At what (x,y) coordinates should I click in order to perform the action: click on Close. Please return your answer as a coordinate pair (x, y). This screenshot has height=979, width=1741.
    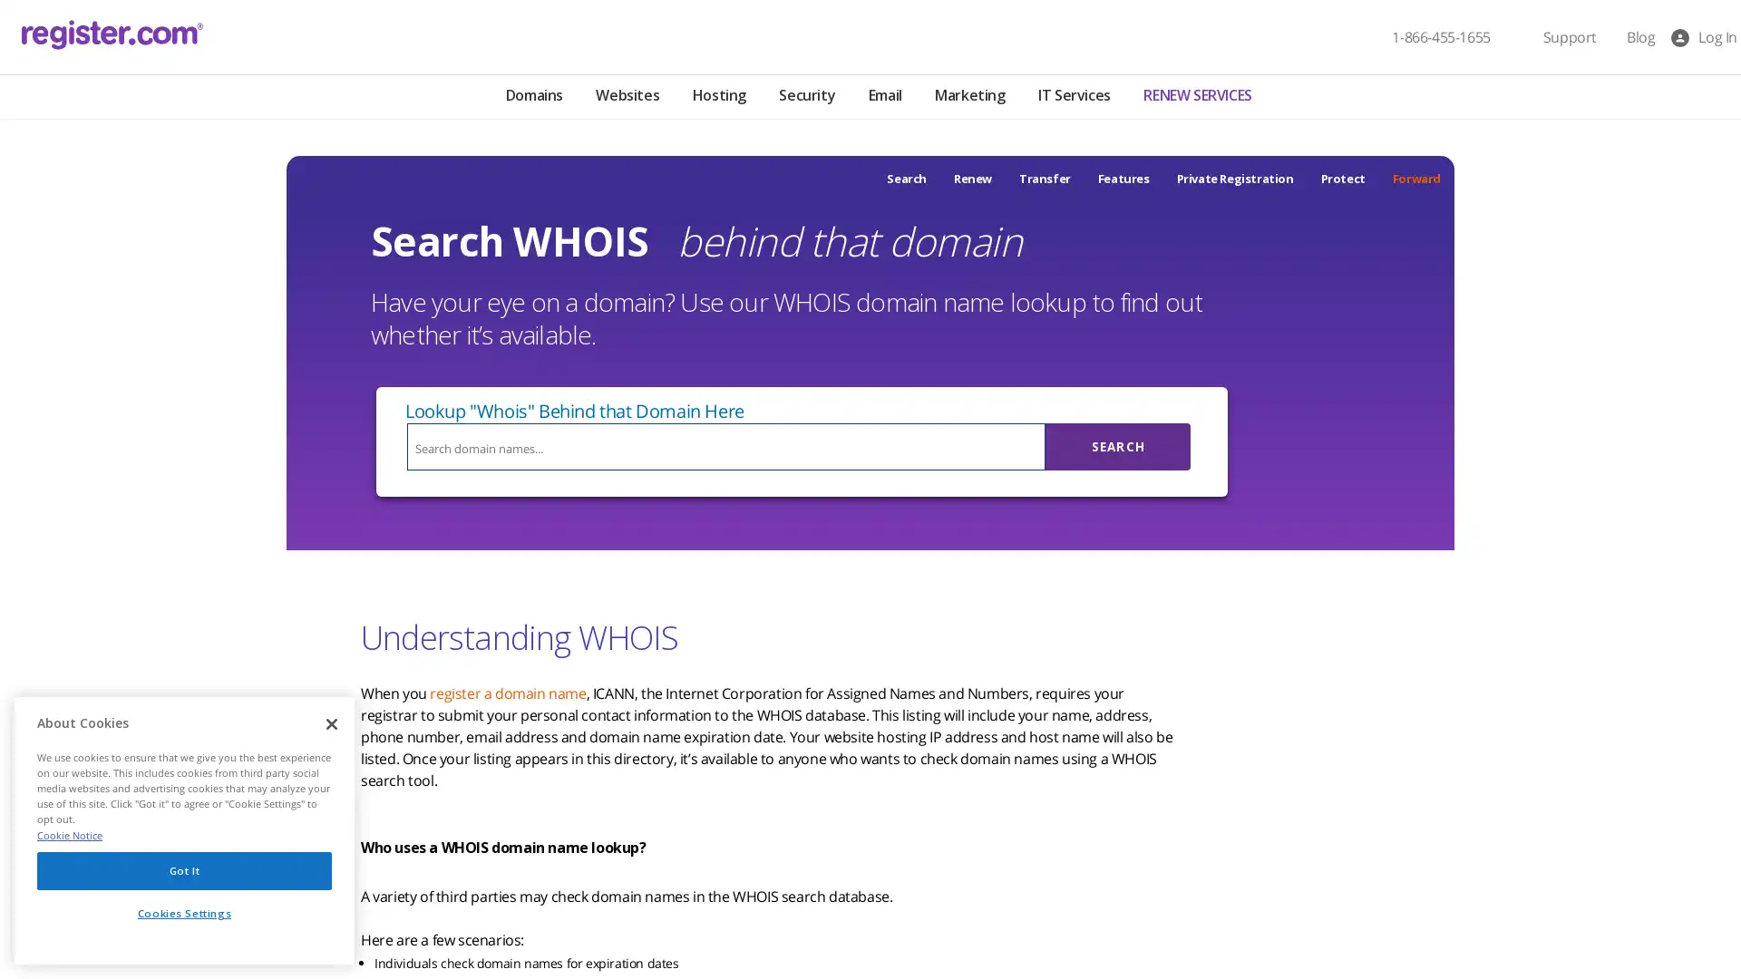
    Looking at the image, I should click on (331, 729).